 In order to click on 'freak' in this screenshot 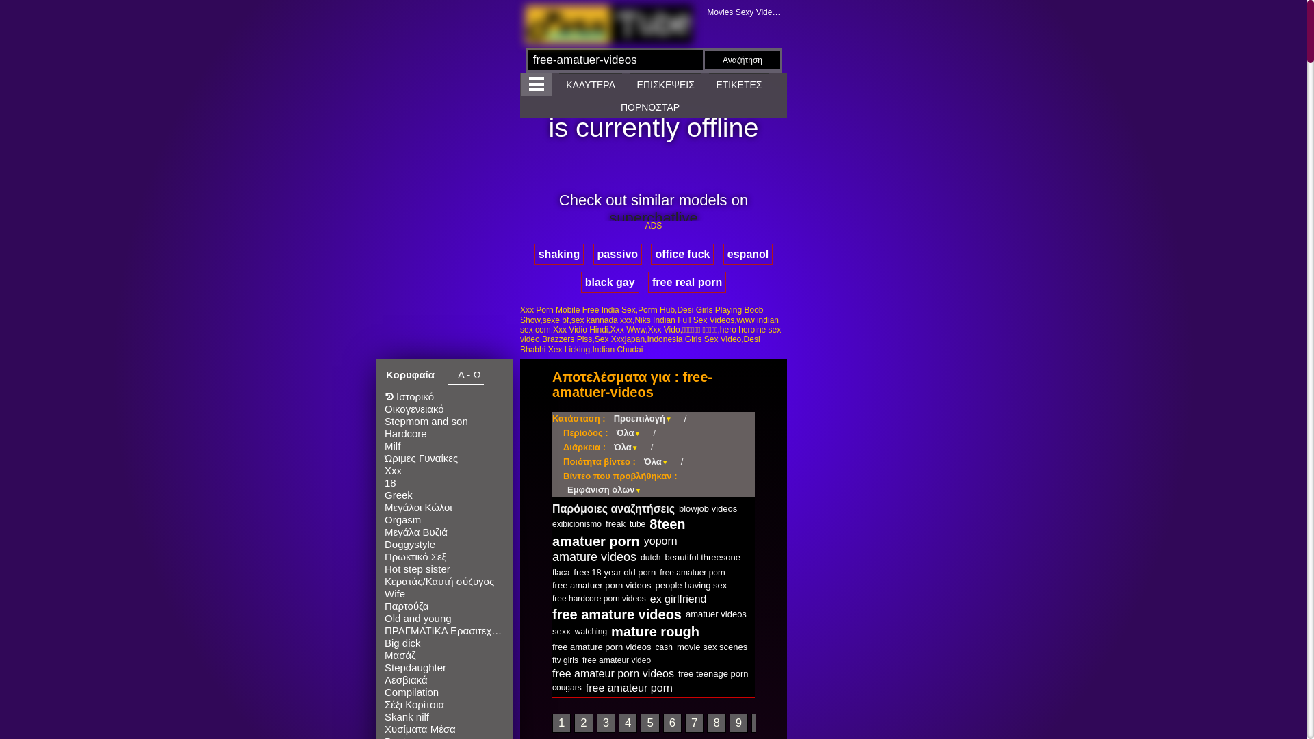, I will do `click(615, 523)`.